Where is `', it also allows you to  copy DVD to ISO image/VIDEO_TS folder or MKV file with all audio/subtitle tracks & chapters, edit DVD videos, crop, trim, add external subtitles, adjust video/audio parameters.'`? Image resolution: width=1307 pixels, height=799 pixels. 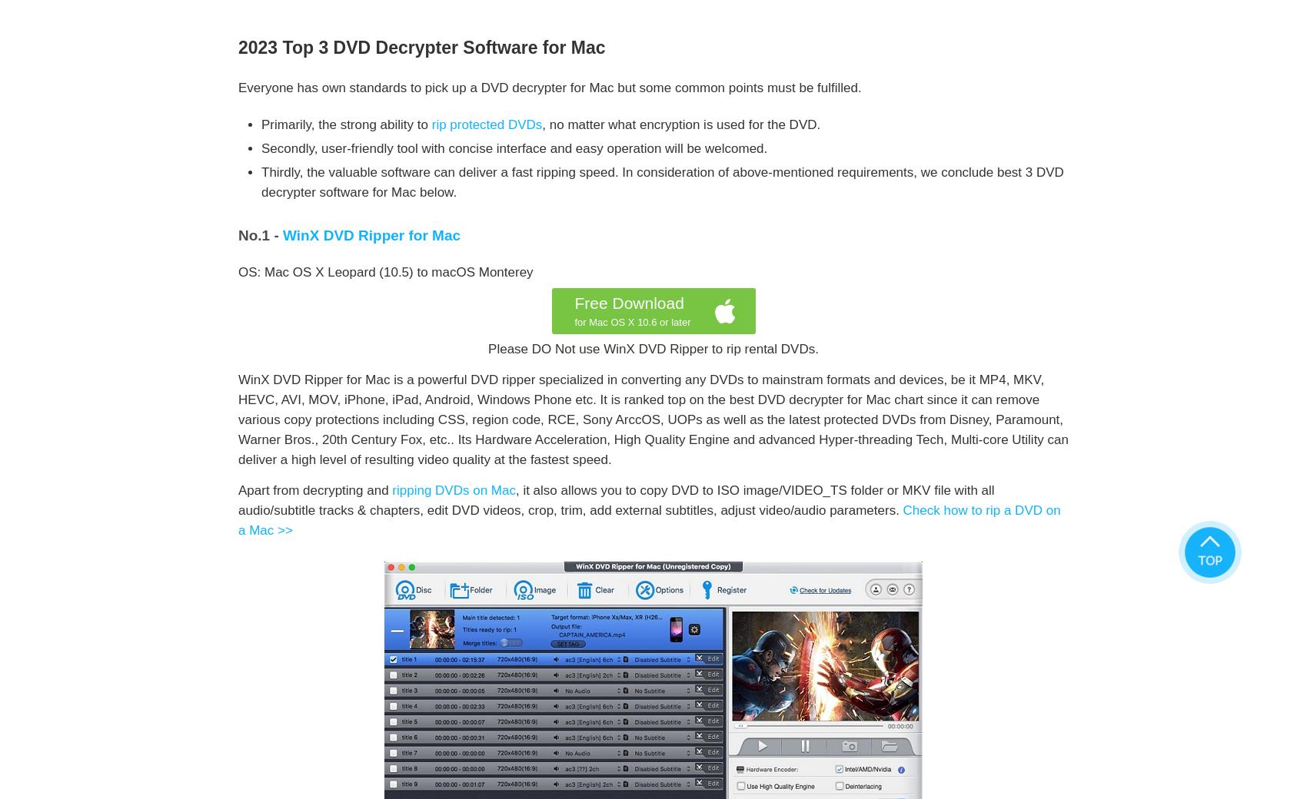
', it also allows you to  copy DVD to ISO image/VIDEO_TS folder or MKV file with all audio/subtitle tracks & chapters, edit DVD videos, crop, trim, add external subtitles, adjust video/audio parameters.' is located at coordinates (615, 500).